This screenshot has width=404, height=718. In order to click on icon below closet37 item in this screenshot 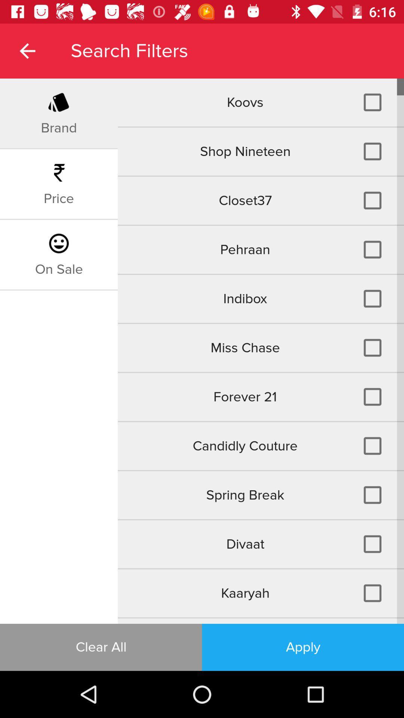, I will do `click(260, 249)`.